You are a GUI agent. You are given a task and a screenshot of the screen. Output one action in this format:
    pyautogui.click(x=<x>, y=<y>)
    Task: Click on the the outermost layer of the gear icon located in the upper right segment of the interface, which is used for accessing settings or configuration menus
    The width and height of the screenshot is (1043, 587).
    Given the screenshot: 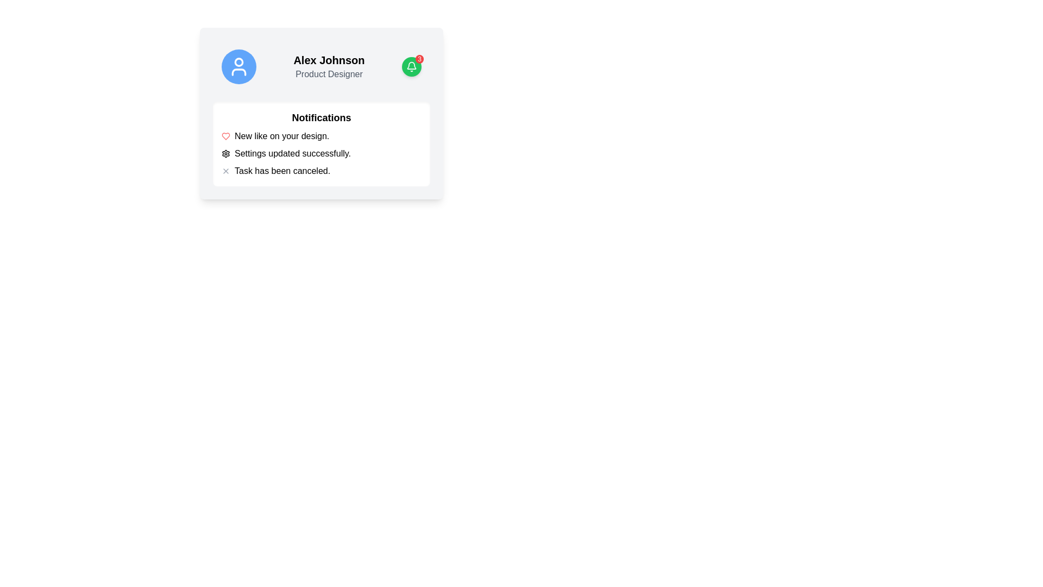 What is the action you would take?
    pyautogui.click(x=225, y=153)
    